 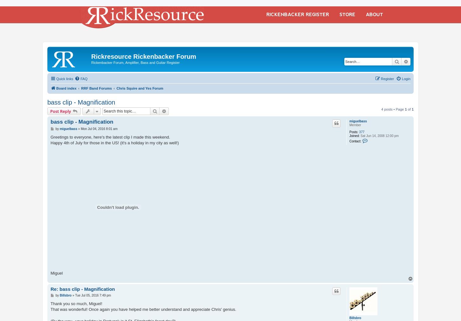 What do you see at coordinates (143, 309) in the screenshot?
I see `'That was wonderful! Once again you have helped me better understand and appreciate Chris' genius.'` at bounding box center [143, 309].